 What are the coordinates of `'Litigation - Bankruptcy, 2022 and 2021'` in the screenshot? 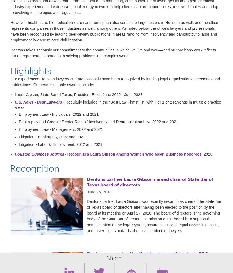 It's located at (52, 136).